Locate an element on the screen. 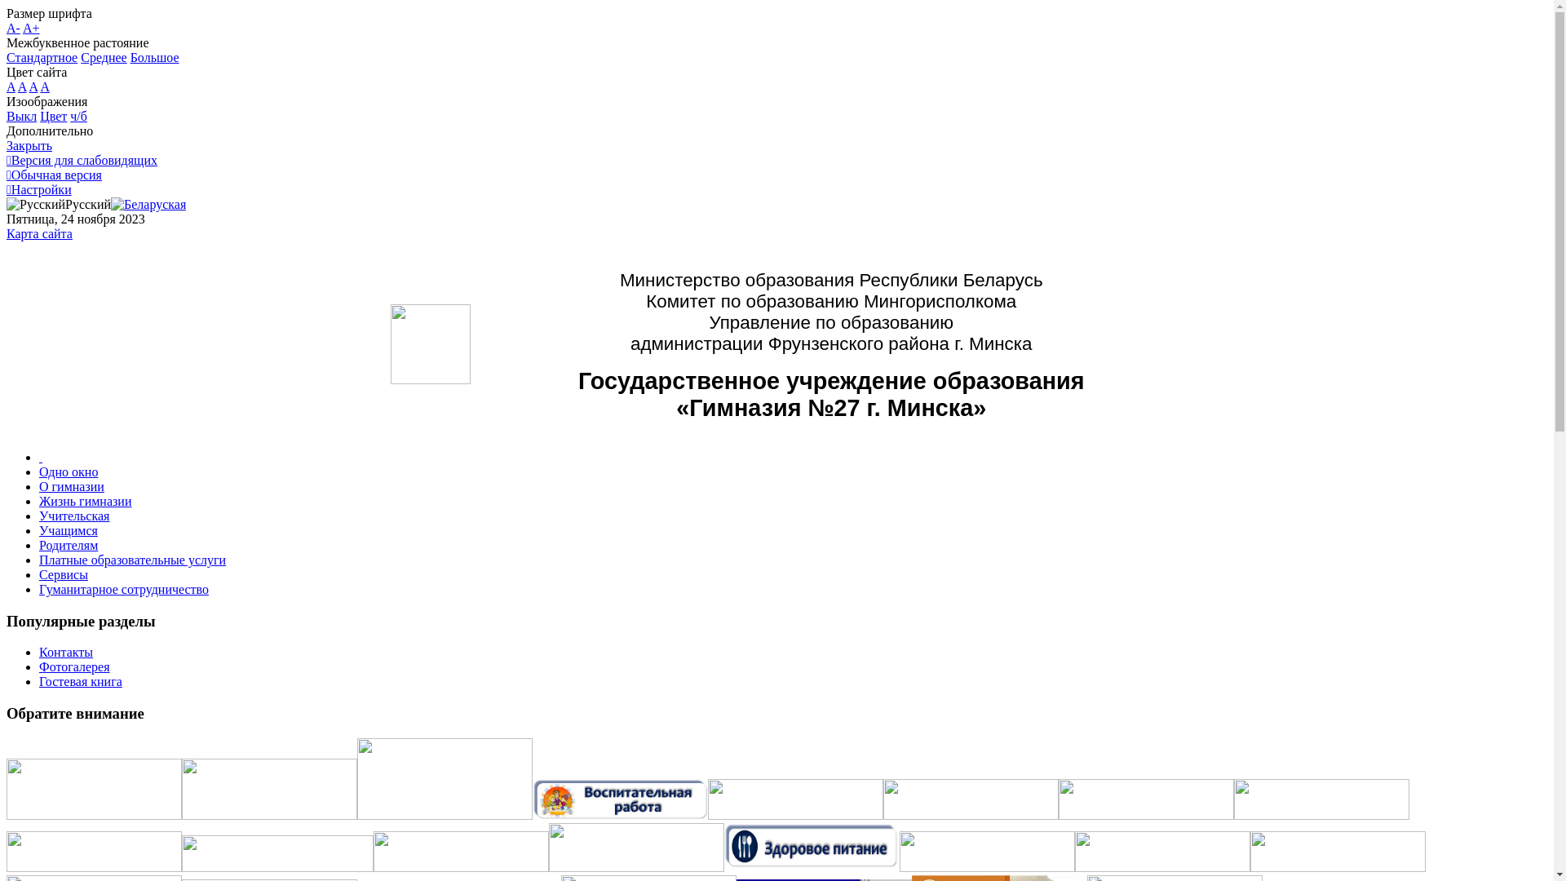 This screenshot has width=1566, height=881. 'A' is located at coordinates (39, 86).